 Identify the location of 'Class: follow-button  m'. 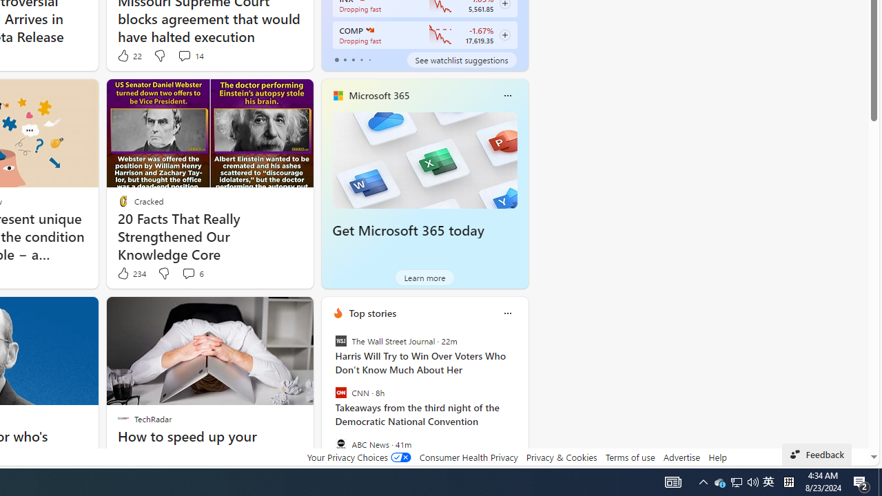
(504, 34).